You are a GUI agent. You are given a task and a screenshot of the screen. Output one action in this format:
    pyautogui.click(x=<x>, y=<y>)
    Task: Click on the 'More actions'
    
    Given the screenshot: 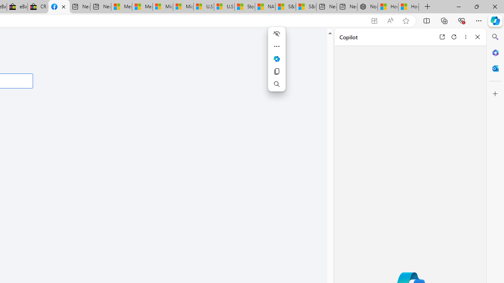 What is the action you would take?
    pyautogui.click(x=276, y=46)
    